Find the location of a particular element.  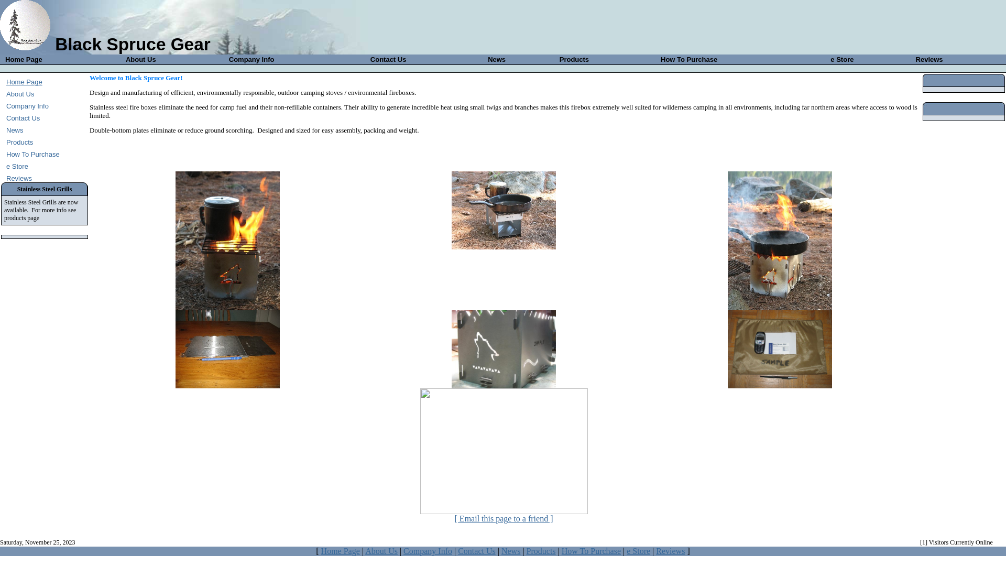

'Company Info' is located at coordinates (228, 59).